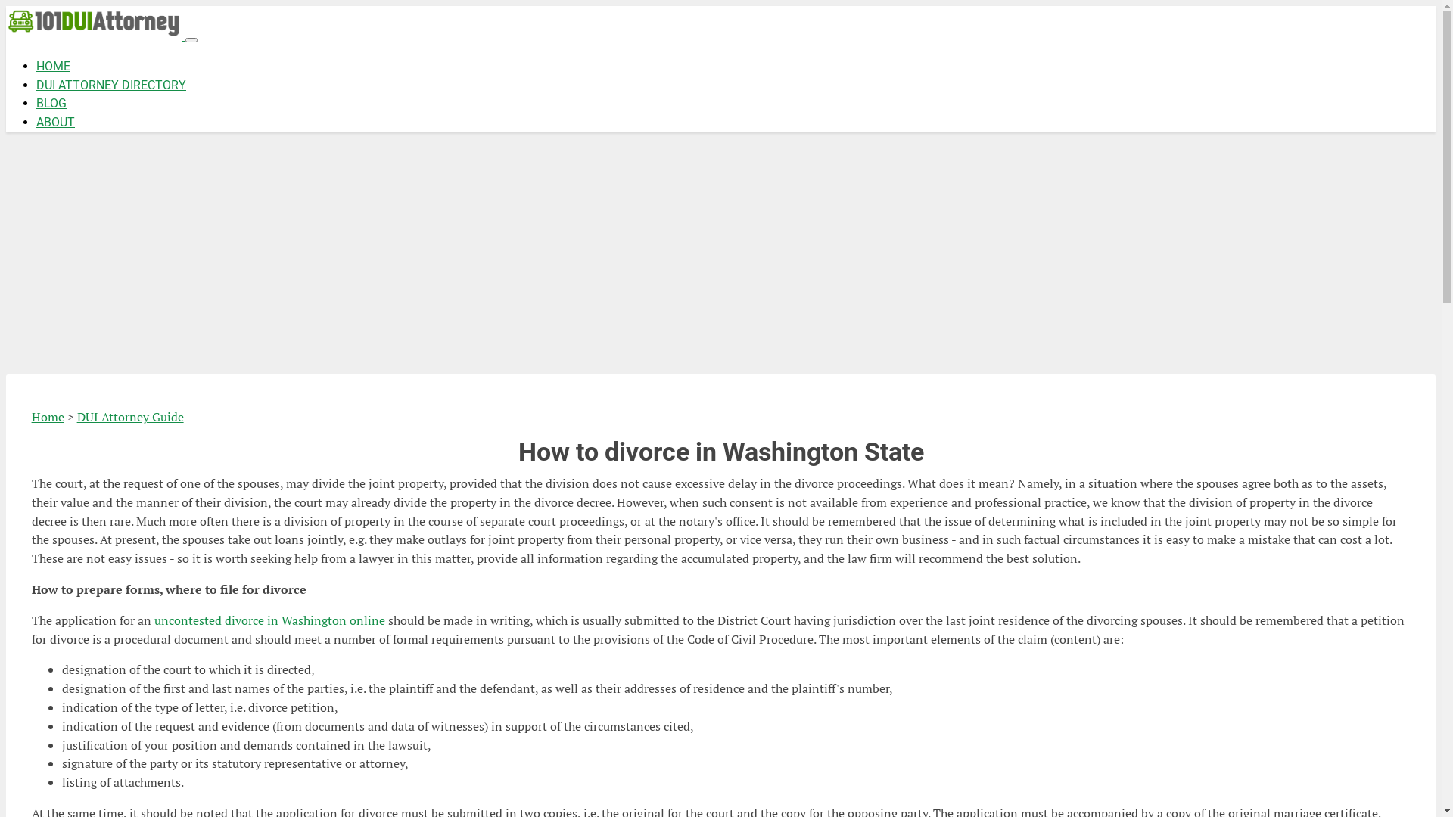 This screenshot has height=817, width=1453. Describe the element at coordinates (51, 102) in the screenshot. I see `'BLOG'` at that location.